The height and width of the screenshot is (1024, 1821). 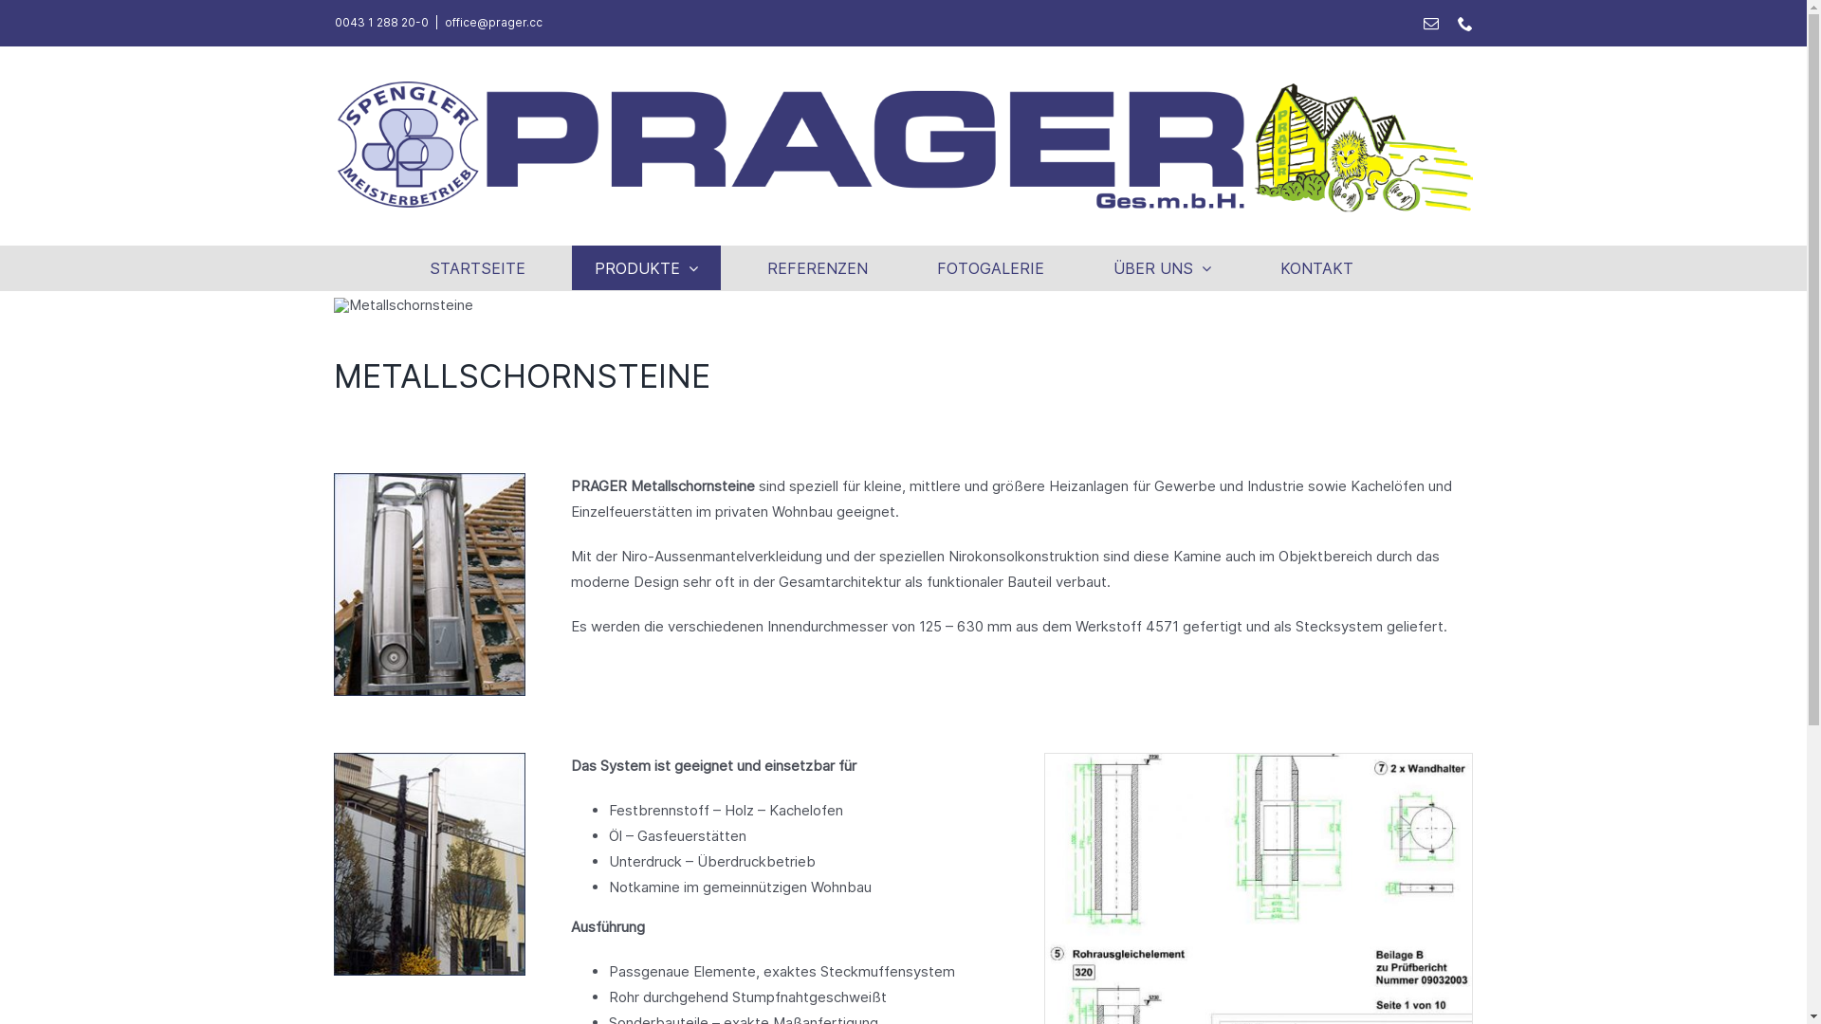 I want to click on 'REFERENZEN', so click(x=818, y=267).